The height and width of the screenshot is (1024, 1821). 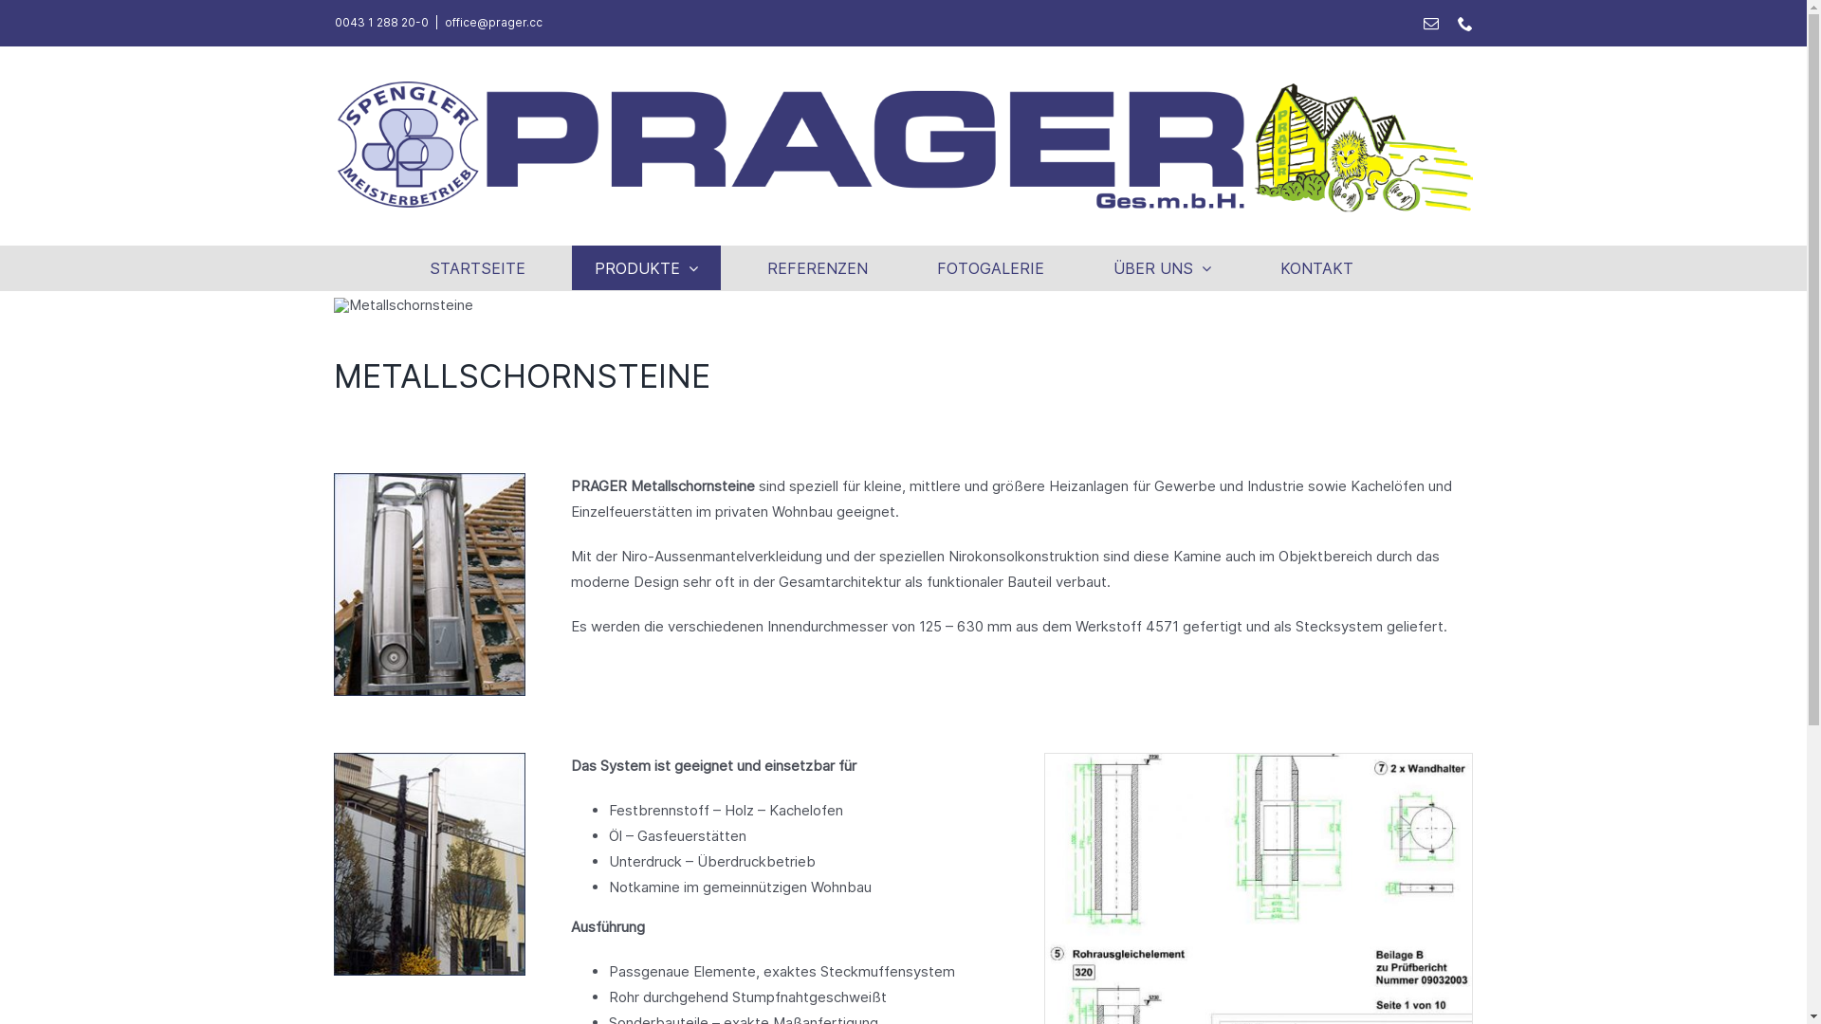 I want to click on 'REFERENZEN', so click(x=818, y=267).